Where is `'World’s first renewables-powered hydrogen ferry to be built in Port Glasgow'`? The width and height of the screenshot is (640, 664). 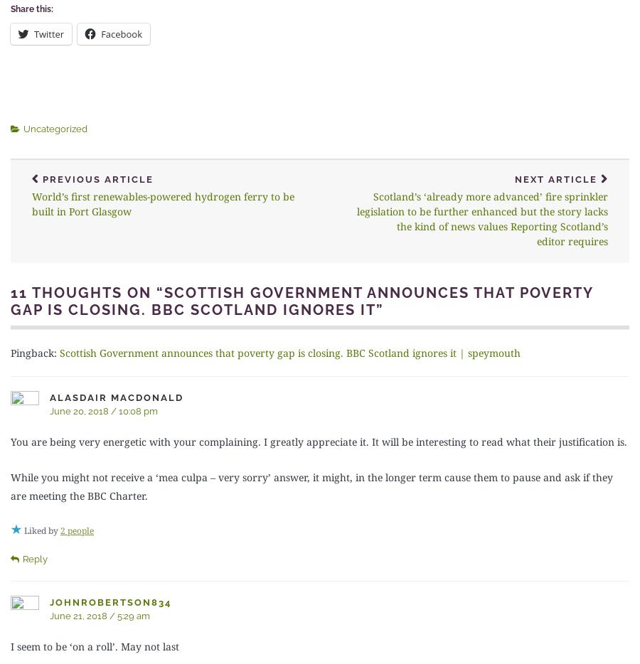 'World’s first renewables-powered hydrogen ferry to be built in Port Glasgow' is located at coordinates (162, 202).